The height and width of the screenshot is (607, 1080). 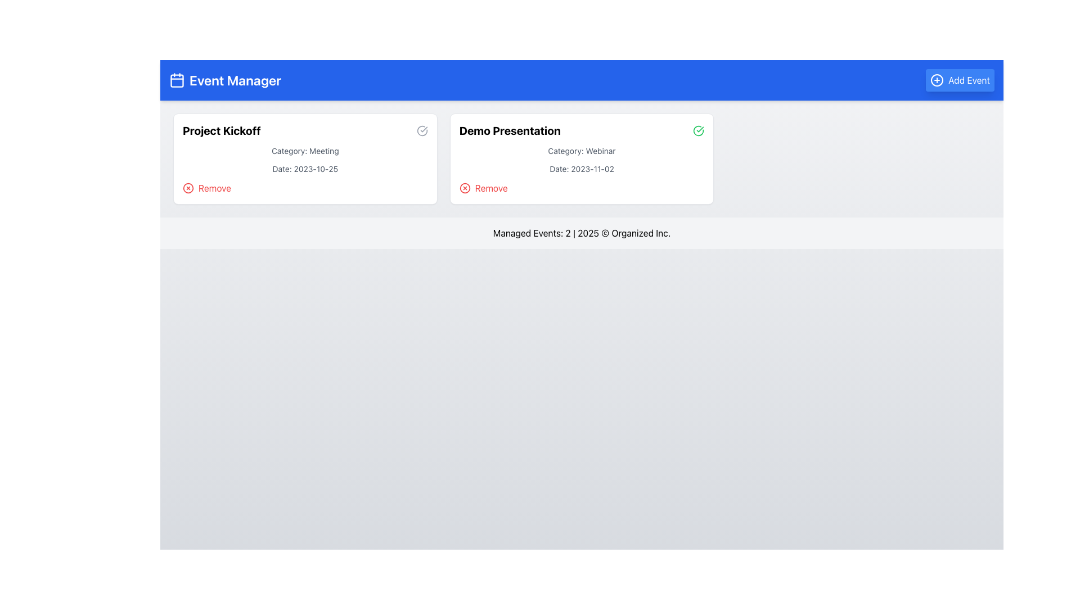 What do you see at coordinates (225, 79) in the screenshot?
I see `the 'Event Manager' title text with the calendar icon located in the blue header banner` at bounding box center [225, 79].